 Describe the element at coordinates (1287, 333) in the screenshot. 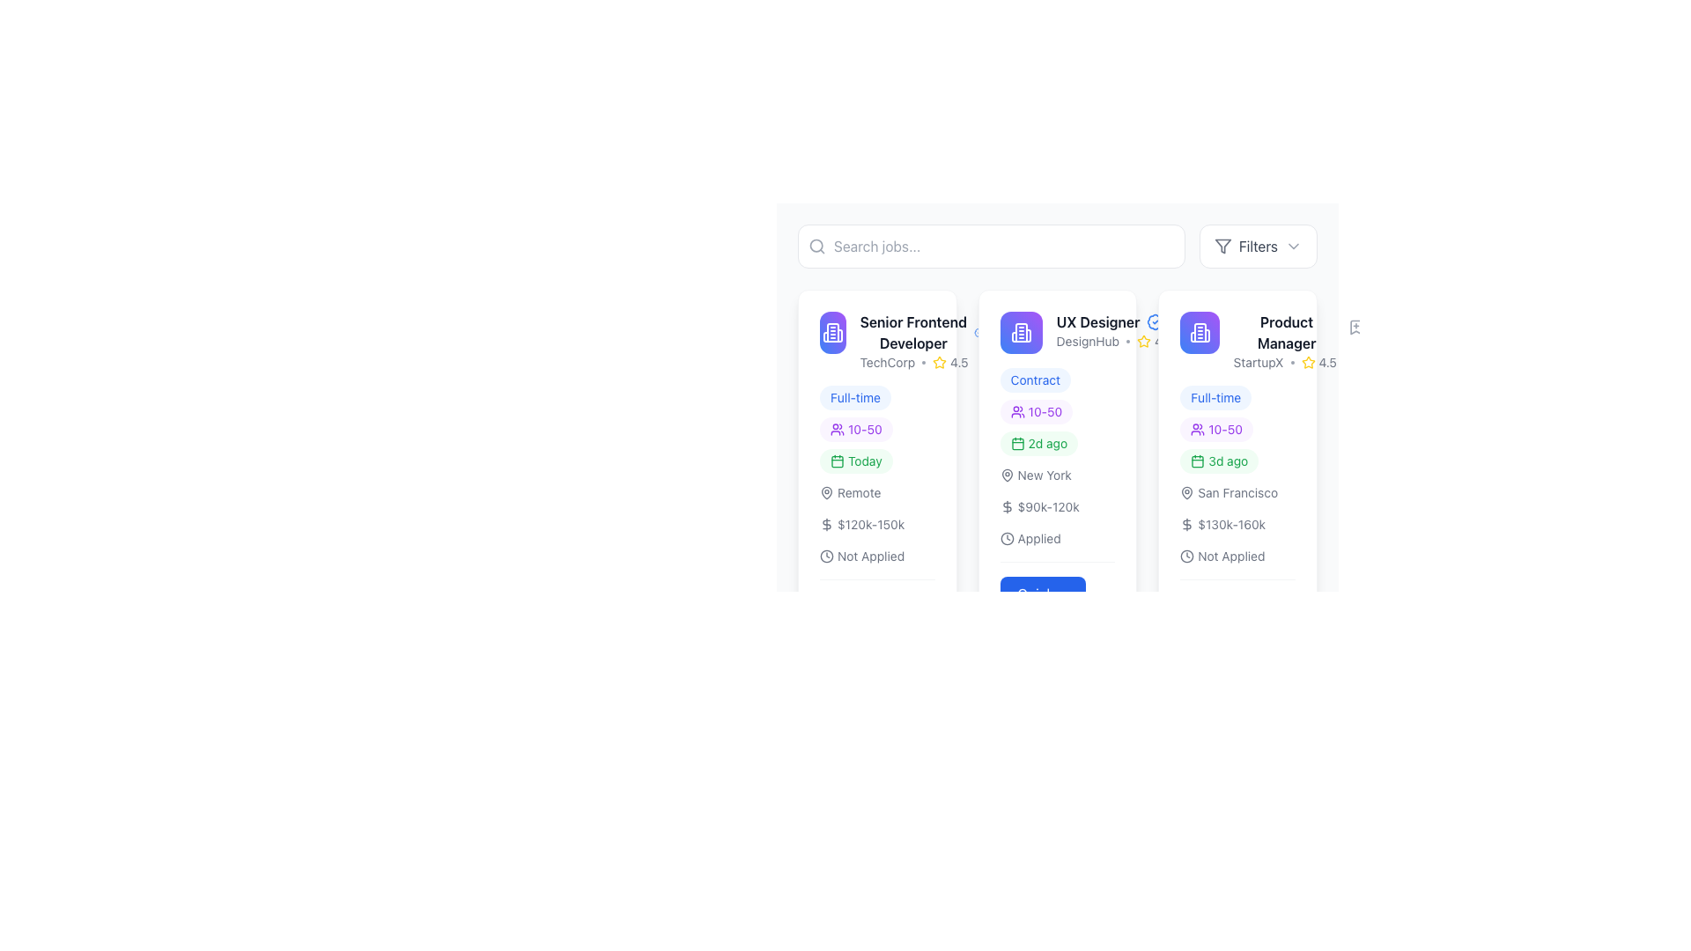

I see `job title label located at the top-center of the job listing card, which identifies the specific job role being described` at that location.